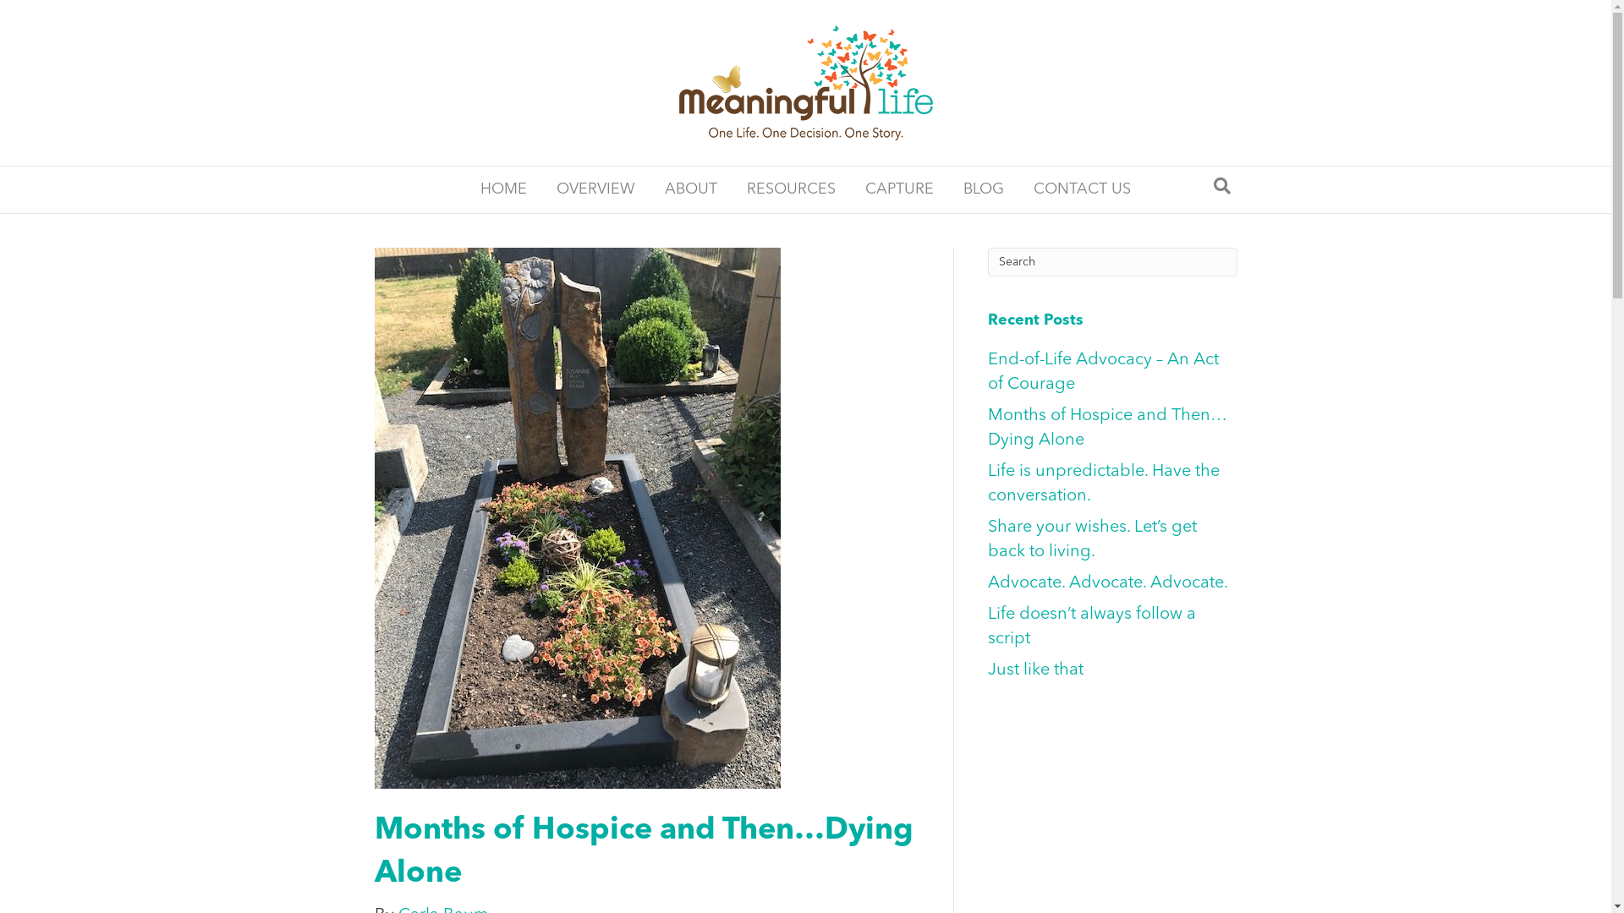 The height and width of the screenshot is (913, 1624). Describe the element at coordinates (502, 189) in the screenshot. I see `'HOME'` at that location.